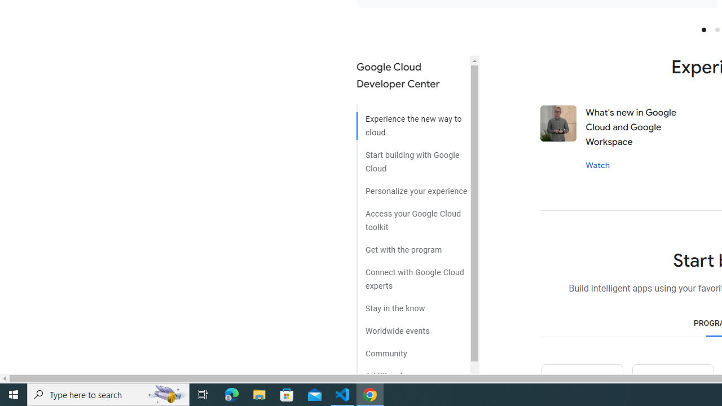 The width and height of the screenshot is (722, 406). I want to click on 'Start building with Google Cloud', so click(412, 157).